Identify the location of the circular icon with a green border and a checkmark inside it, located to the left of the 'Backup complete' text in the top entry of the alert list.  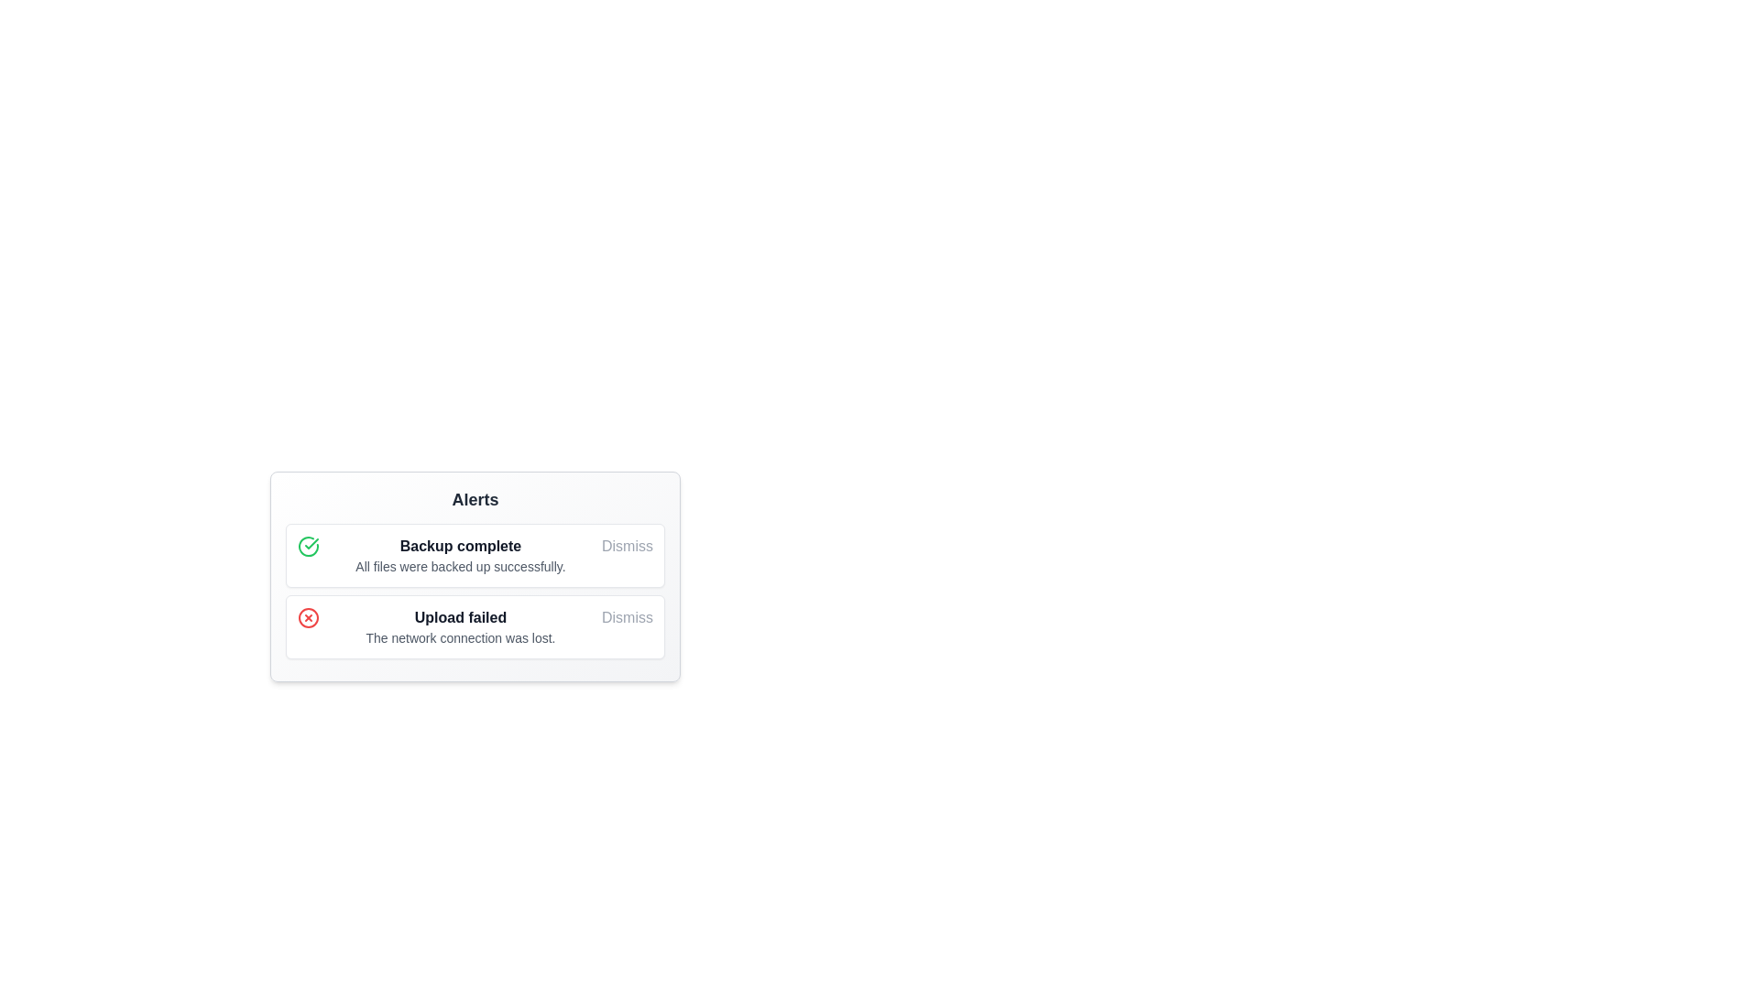
(308, 546).